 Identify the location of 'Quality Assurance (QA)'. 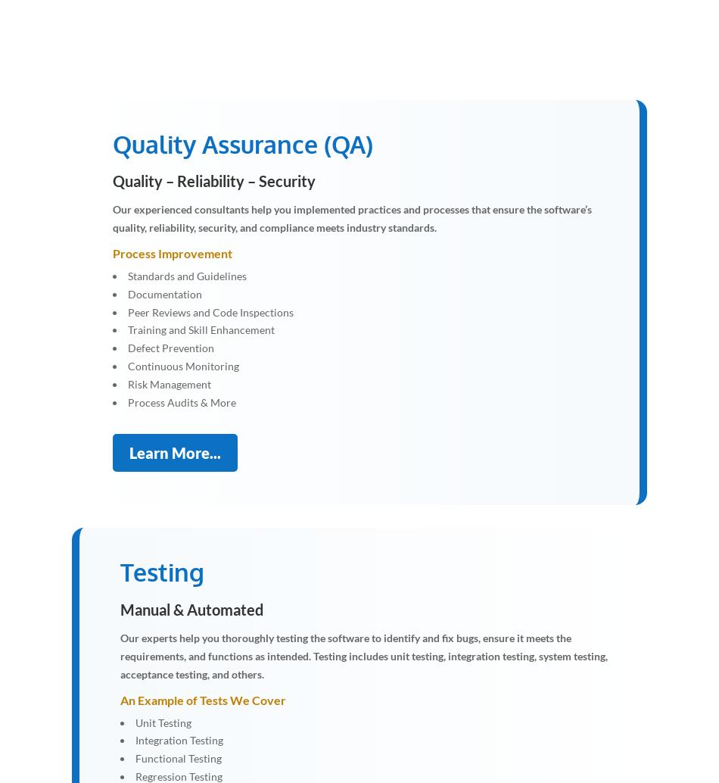
(242, 143).